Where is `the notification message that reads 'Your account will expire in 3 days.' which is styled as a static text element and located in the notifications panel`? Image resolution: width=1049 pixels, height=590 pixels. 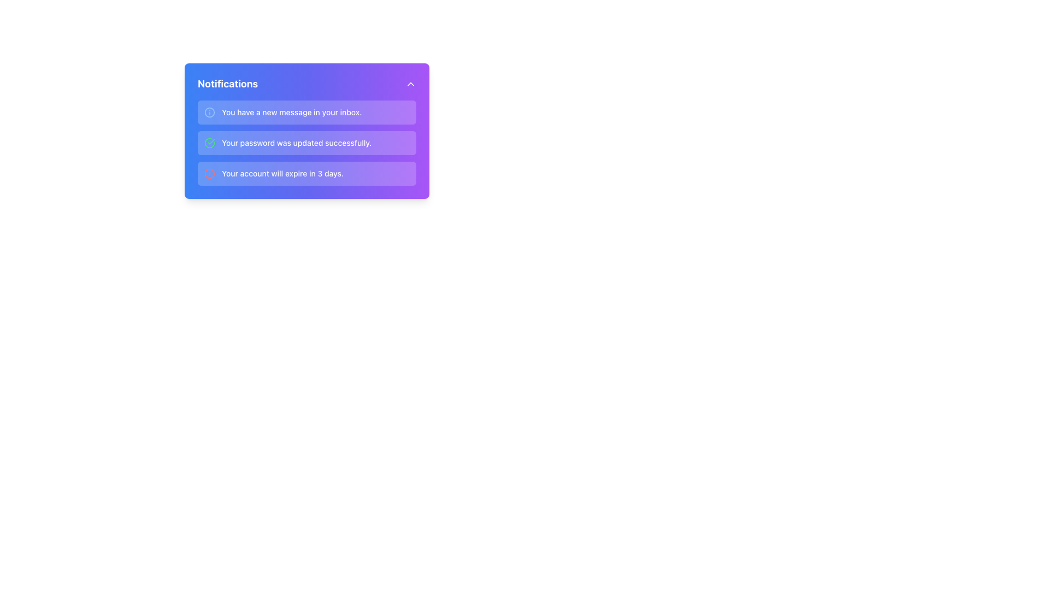
the notification message that reads 'Your account will expire in 3 days.' which is styled as a static text element and located in the notifications panel is located at coordinates (282, 173).